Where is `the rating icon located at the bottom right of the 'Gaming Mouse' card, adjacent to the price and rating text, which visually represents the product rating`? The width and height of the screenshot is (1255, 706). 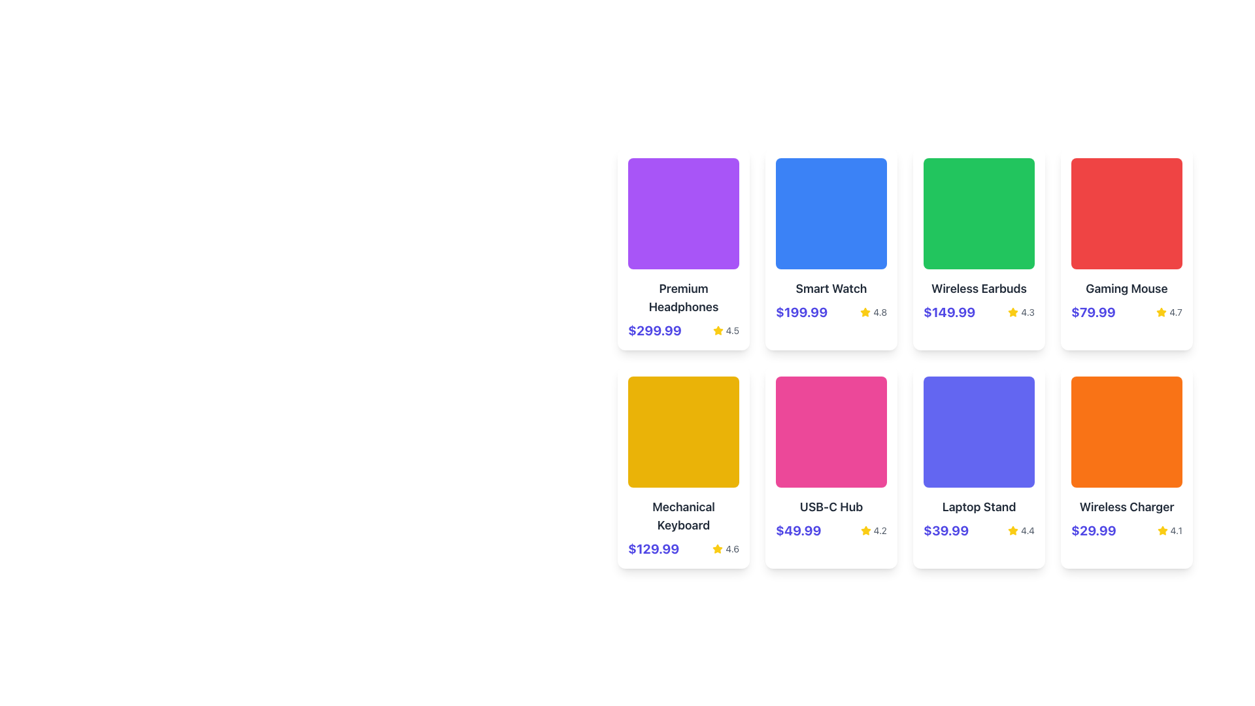
the rating icon located at the bottom right of the 'Gaming Mouse' card, adjacent to the price and rating text, which visually represents the product rating is located at coordinates (1162, 312).